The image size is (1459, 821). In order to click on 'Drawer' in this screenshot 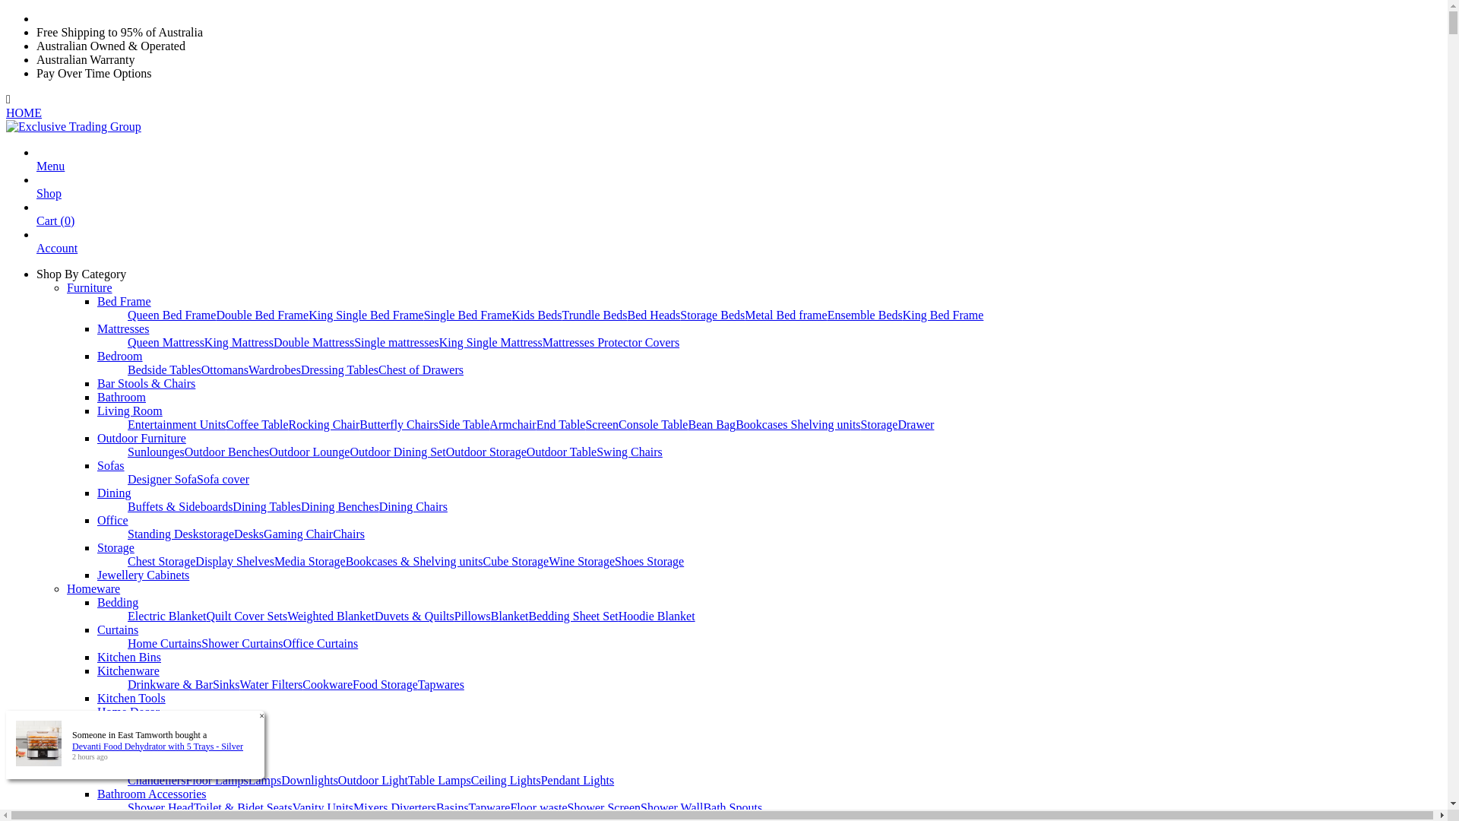, I will do `click(914, 424)`.